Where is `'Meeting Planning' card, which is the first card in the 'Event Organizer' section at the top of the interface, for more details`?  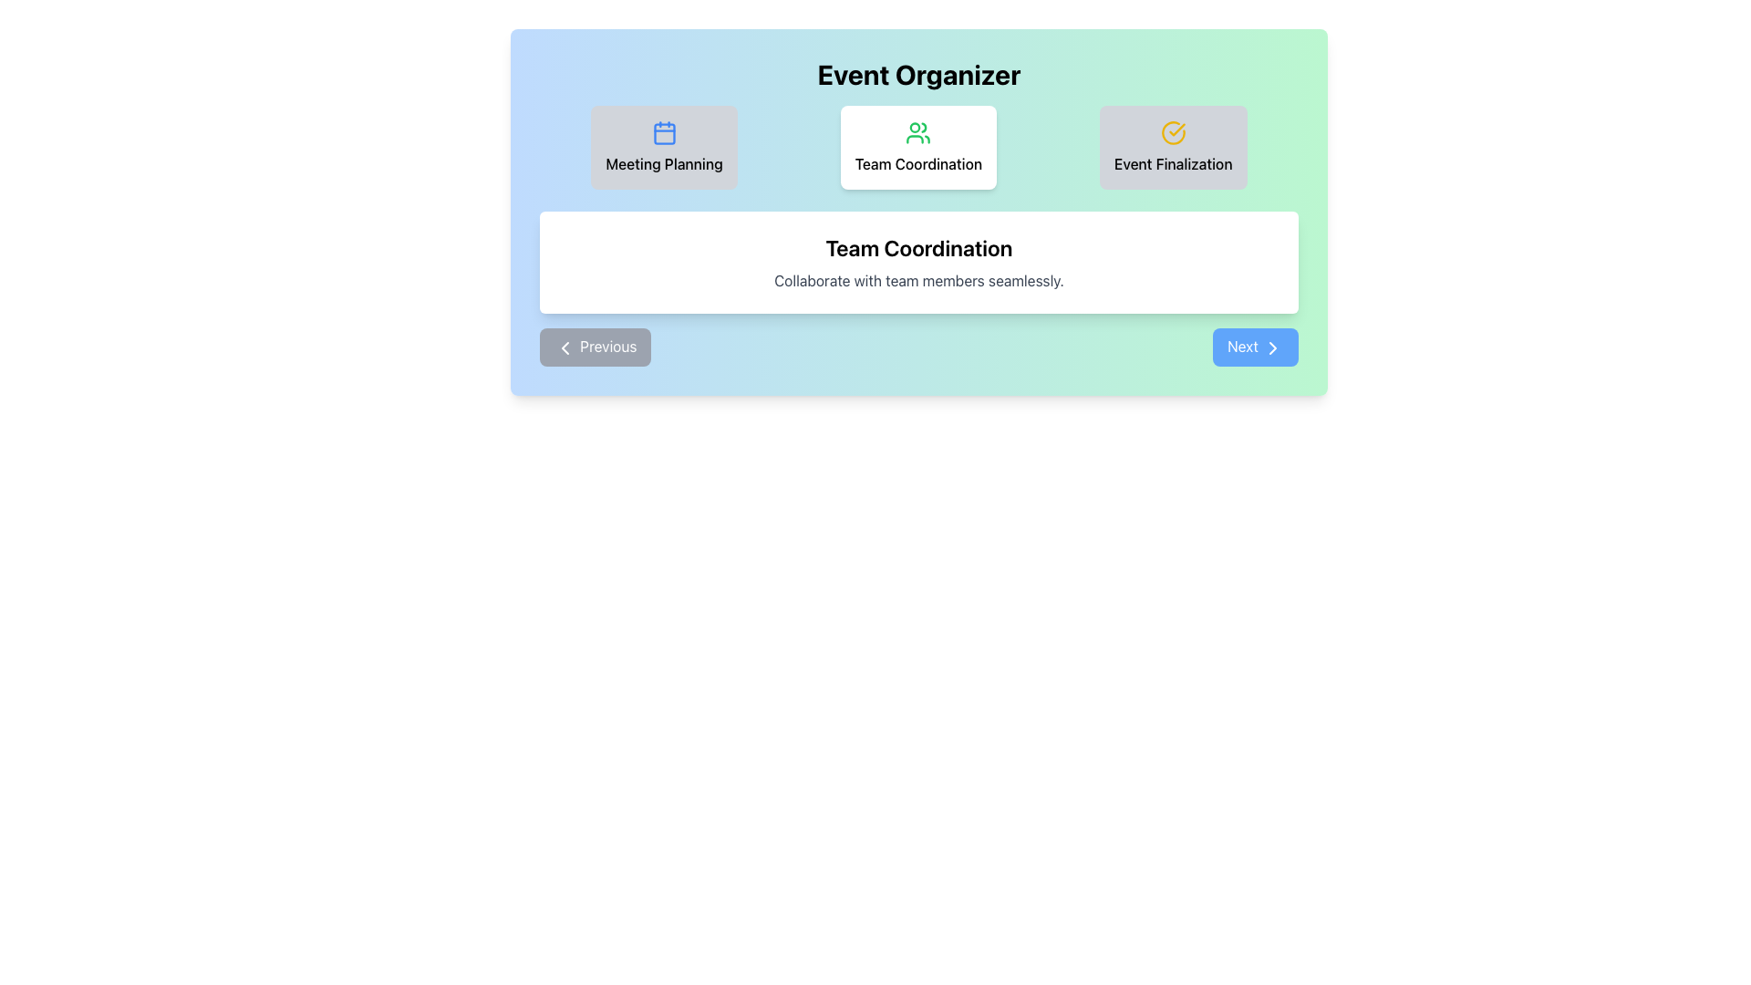
'Meeting Planning' card, which is the first card in the 'Event Organizer' section at the top of the interface, for more details is located at coordinates (663, 147).